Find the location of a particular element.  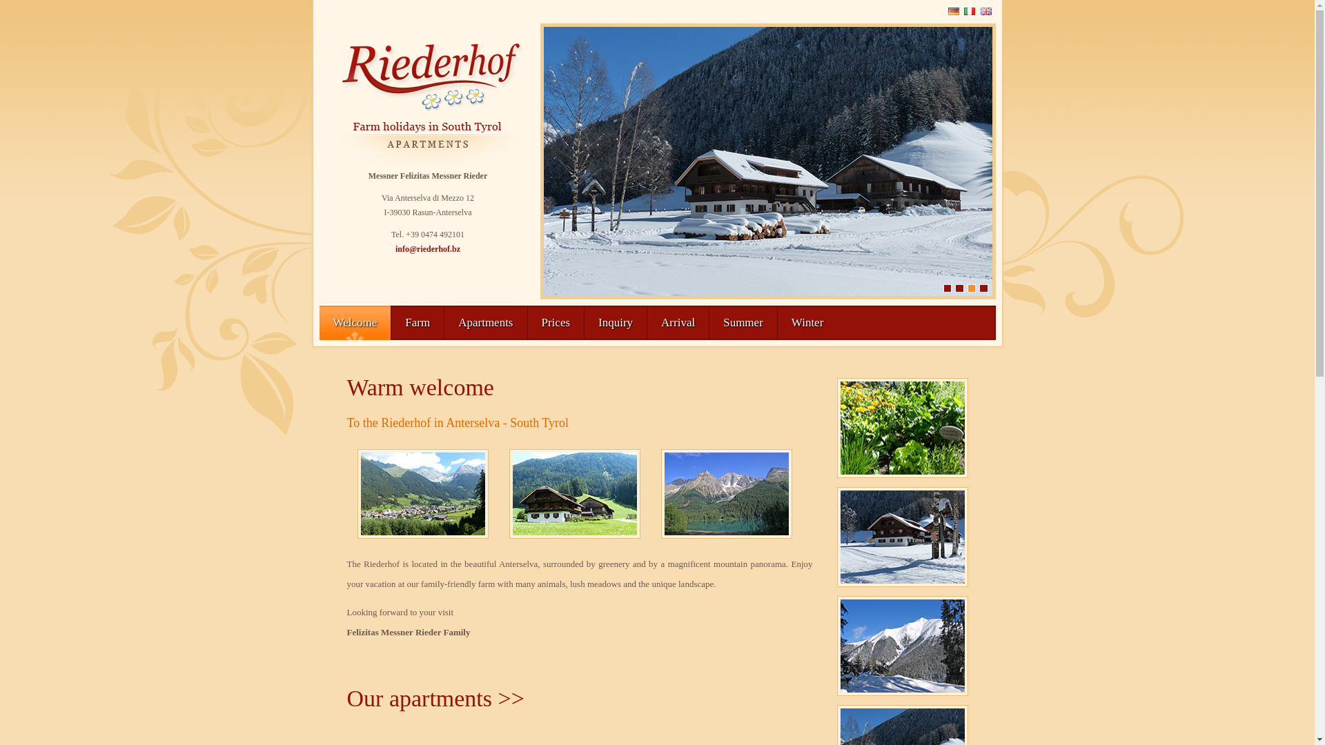

'4' is located at coordinates (979, 287).